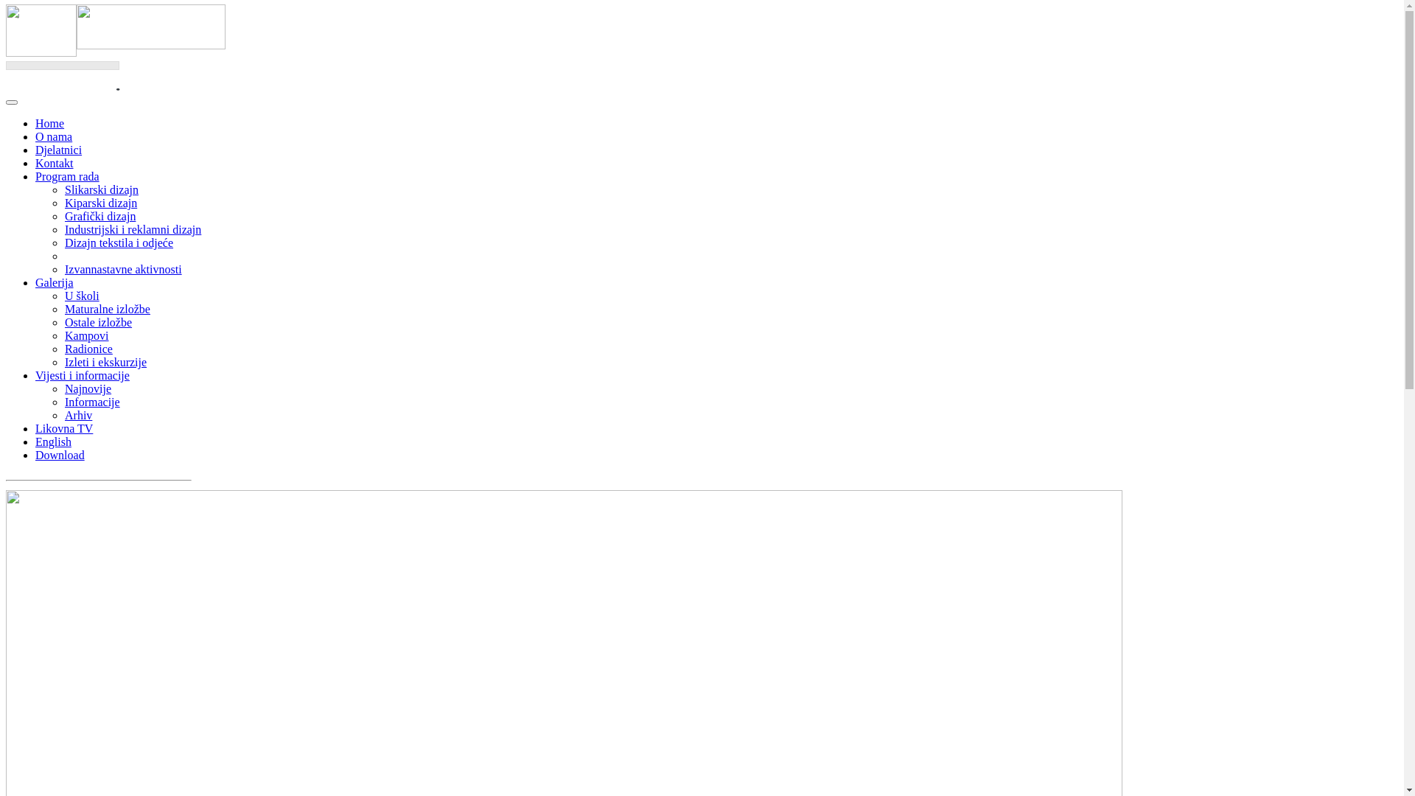 The width and height of the screenshot is (1415, 796). Describe the element at coordinates (54, 163) in the screenshot. I see `'Kontakt'` at that location.